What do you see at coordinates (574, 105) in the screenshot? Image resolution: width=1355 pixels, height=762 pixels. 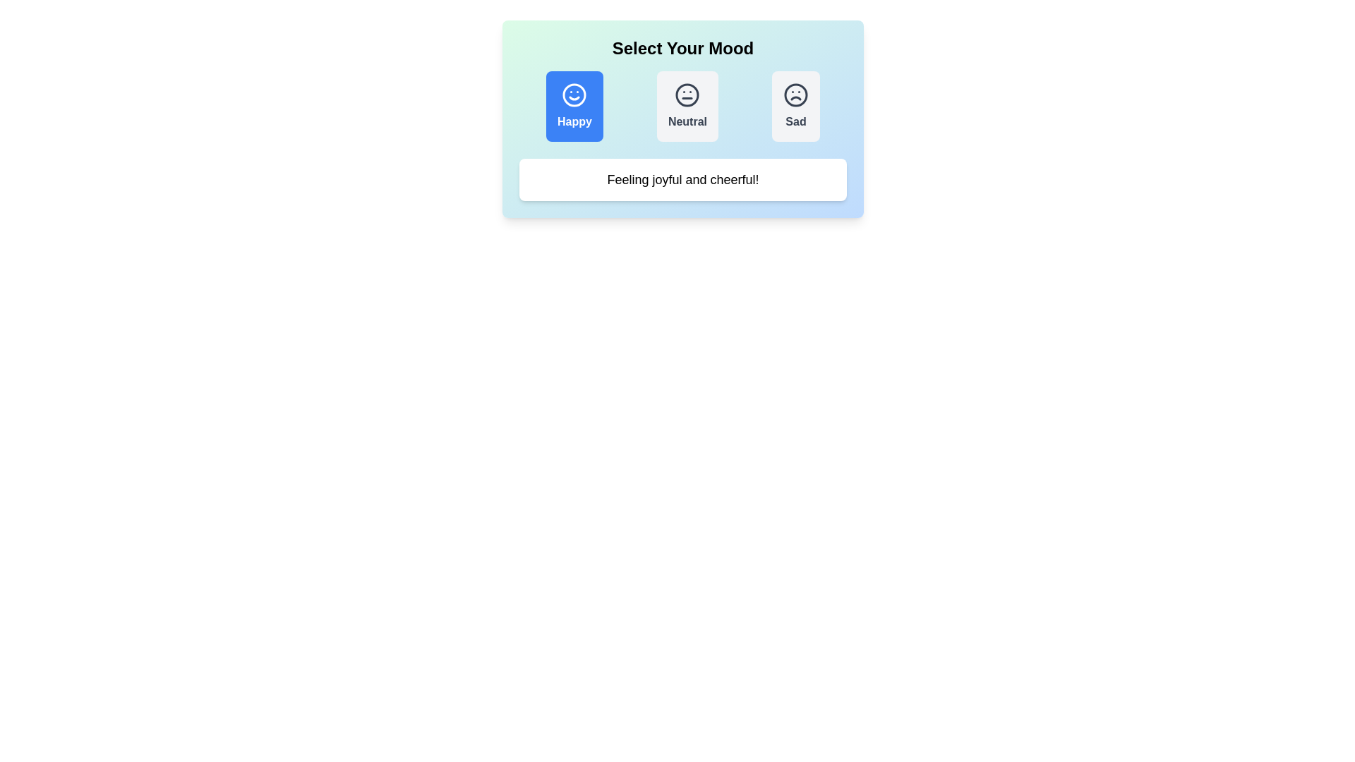 I see `the mood Happy by clicking on the respective button` at bounding box center [574, 105].